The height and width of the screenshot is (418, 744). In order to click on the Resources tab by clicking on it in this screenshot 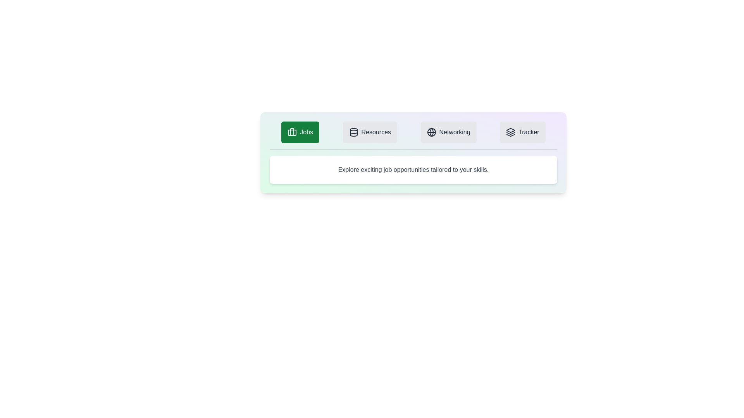, I will do `click(370, 132)`.